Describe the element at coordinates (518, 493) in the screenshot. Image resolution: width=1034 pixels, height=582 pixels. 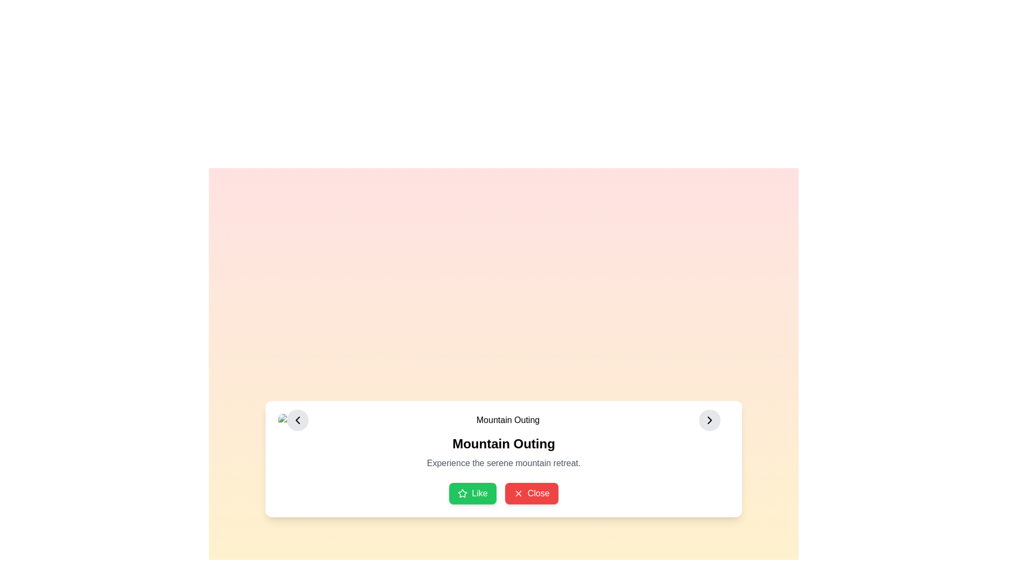
I see `the 'Close' button which features a decorative icon styled as a small cross symbol with a red background` at that location.